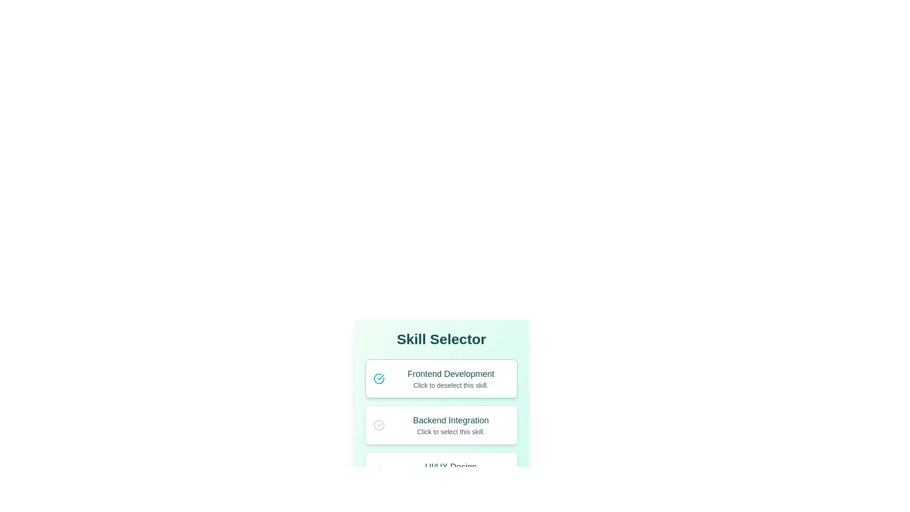 The width and height of the screenshot is (910, 512). I want to click on the skill card for UI/UX Design, so click(441, 472).